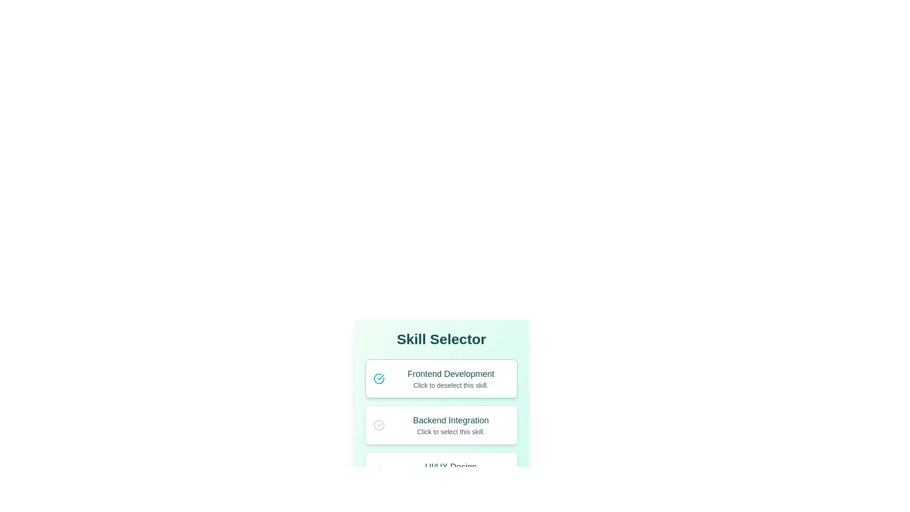 The width and height of the screenshot is (910, 512). I want to click on the skill card for UI/UX Design, so click(441, 472).